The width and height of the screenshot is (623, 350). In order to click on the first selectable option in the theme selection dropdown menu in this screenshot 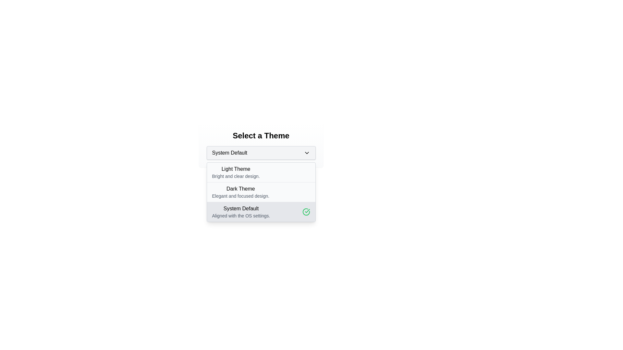, I will do `click(236, 172)`.